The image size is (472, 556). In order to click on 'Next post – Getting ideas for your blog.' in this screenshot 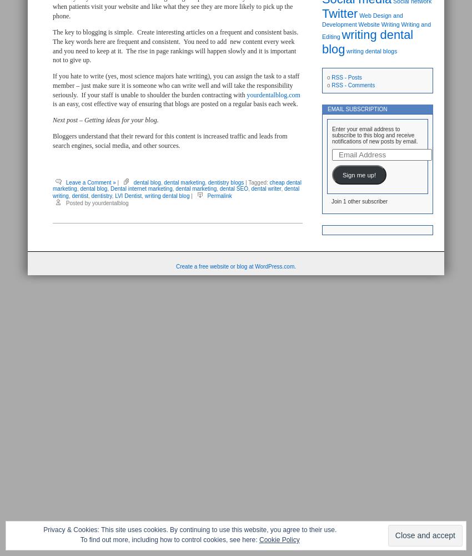, I will do `click(104, 120)`.